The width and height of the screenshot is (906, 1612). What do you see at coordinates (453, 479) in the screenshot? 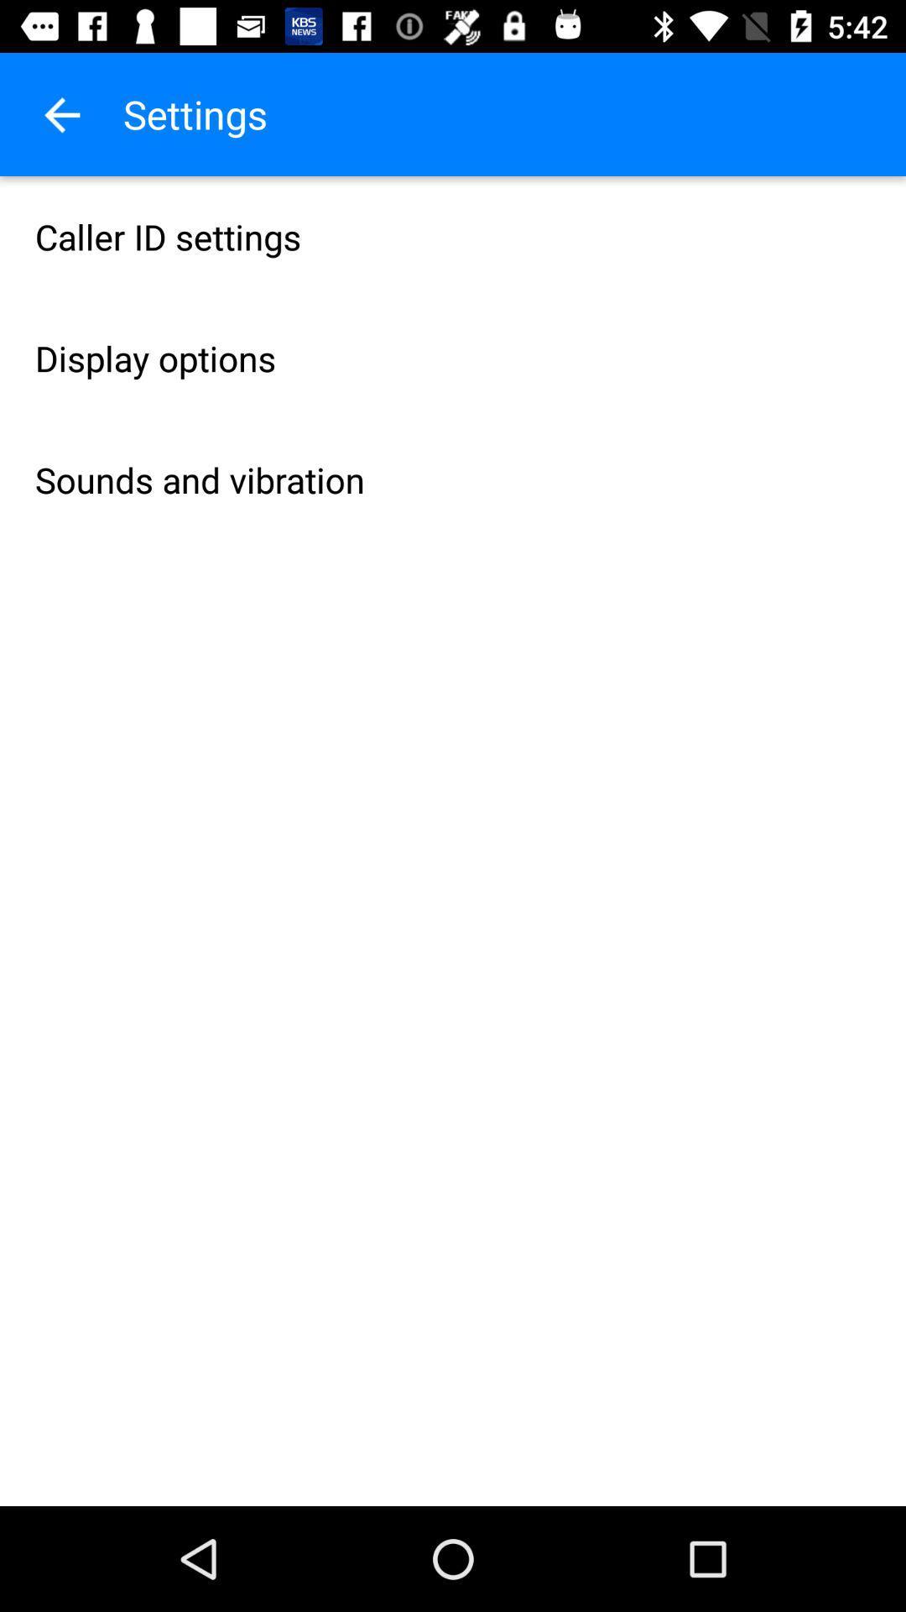
I see `sounds and vibration icon` at bounding box center [453, 479].